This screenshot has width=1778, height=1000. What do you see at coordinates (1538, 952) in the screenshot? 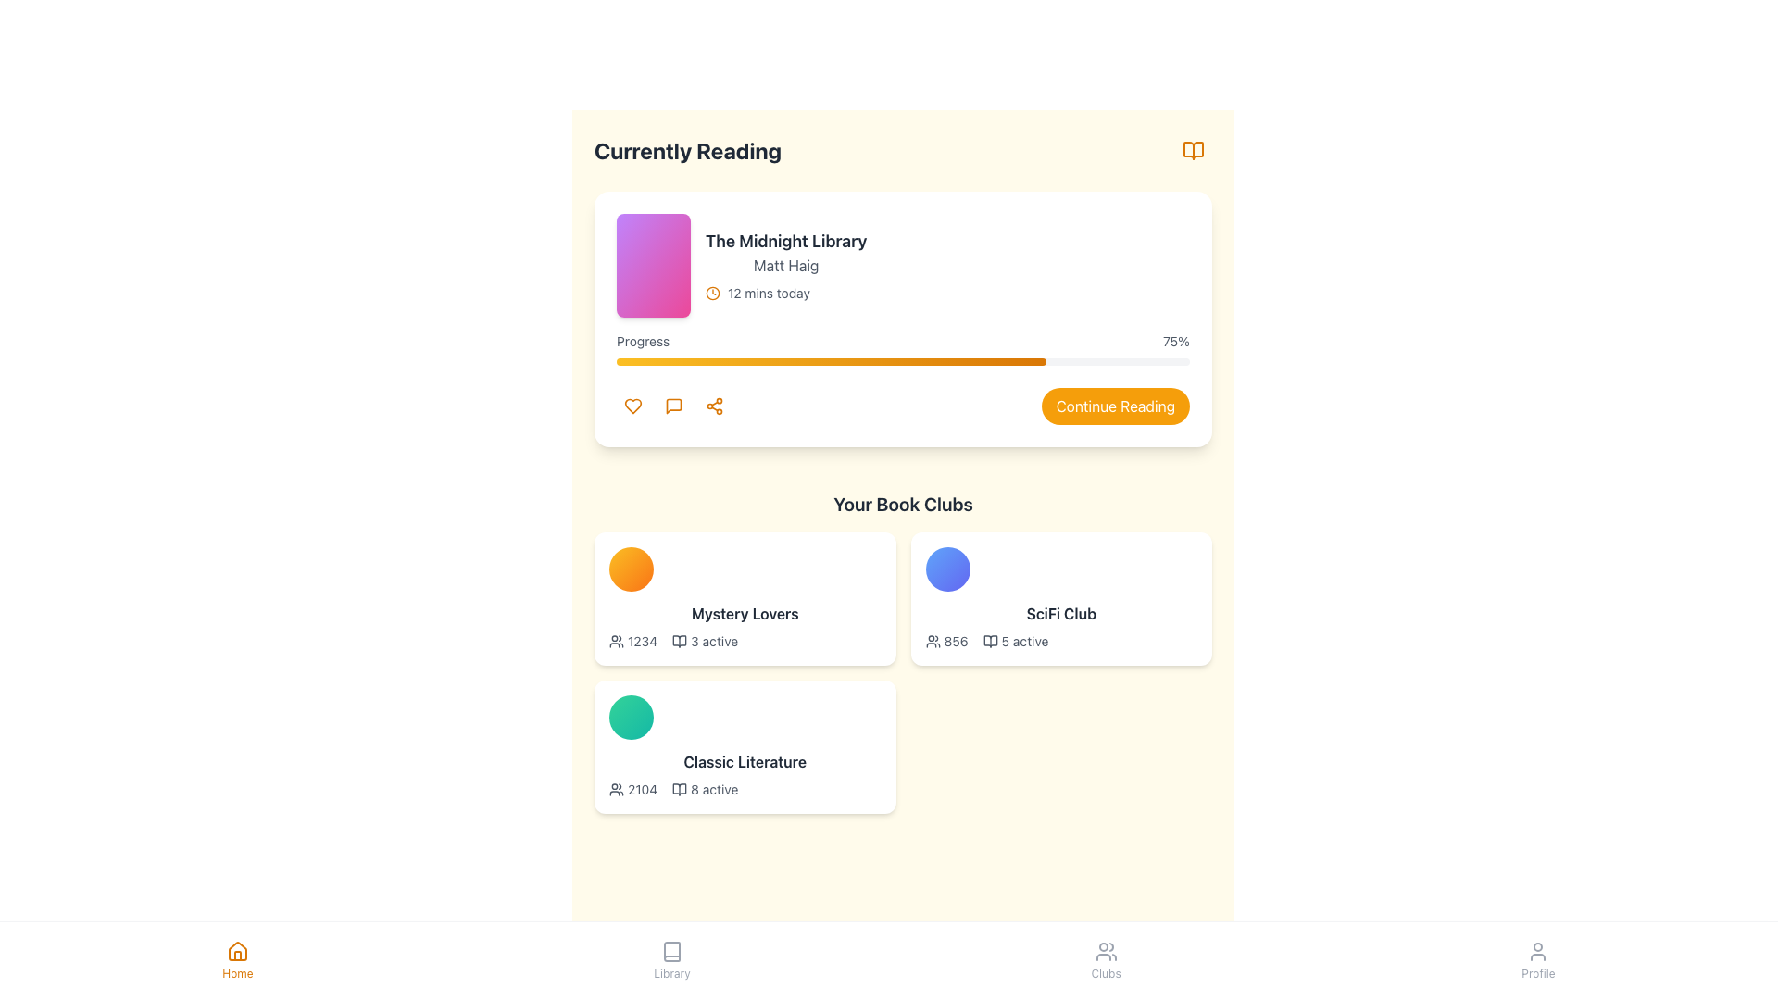
I see `the 'Profile' icon located at the far-right end of the bottom navigation bar` at bounding box center [1538, 952].